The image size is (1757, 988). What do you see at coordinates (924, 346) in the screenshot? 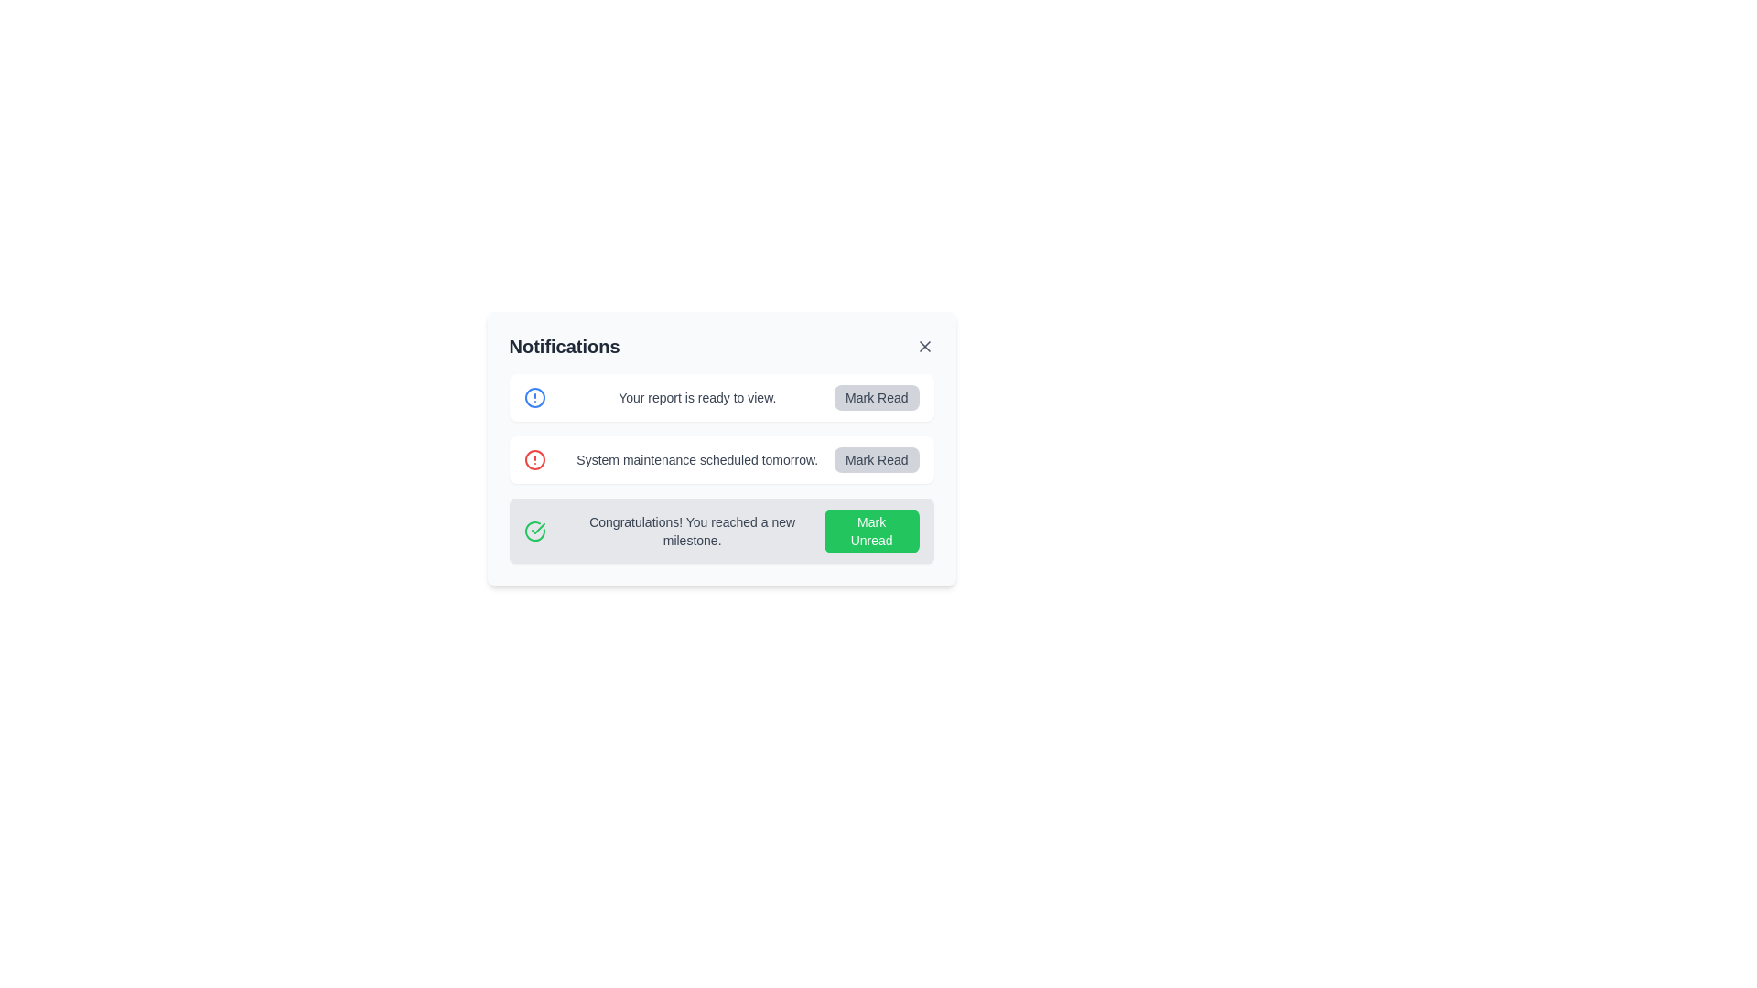
I see `the close button represented as an SVG graphical element within the notification interface, located at the top-right corner of the notification panel` at bounding box center [924, 346].